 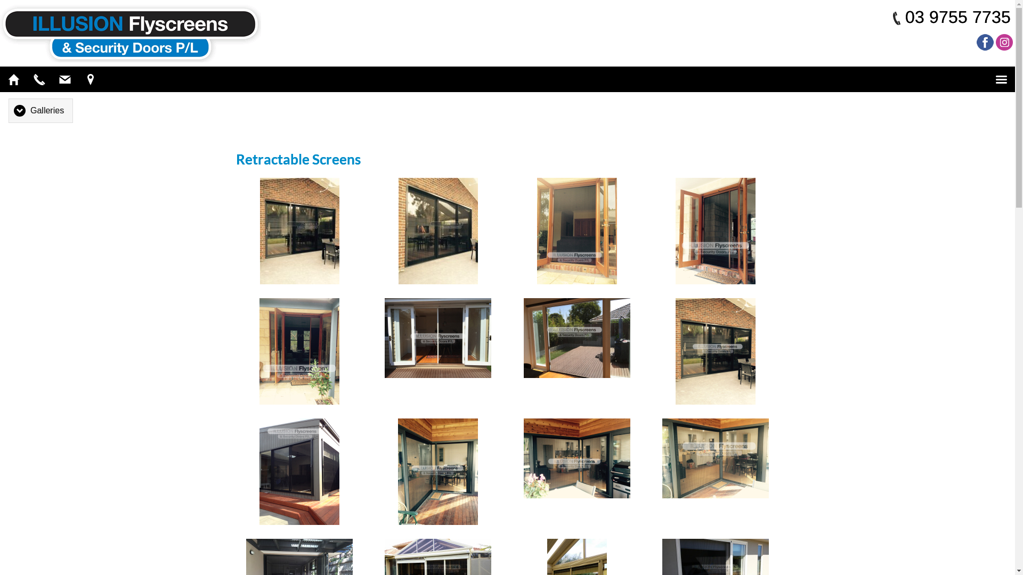 I want to click on 'HOME', so click(x=13, y=79).